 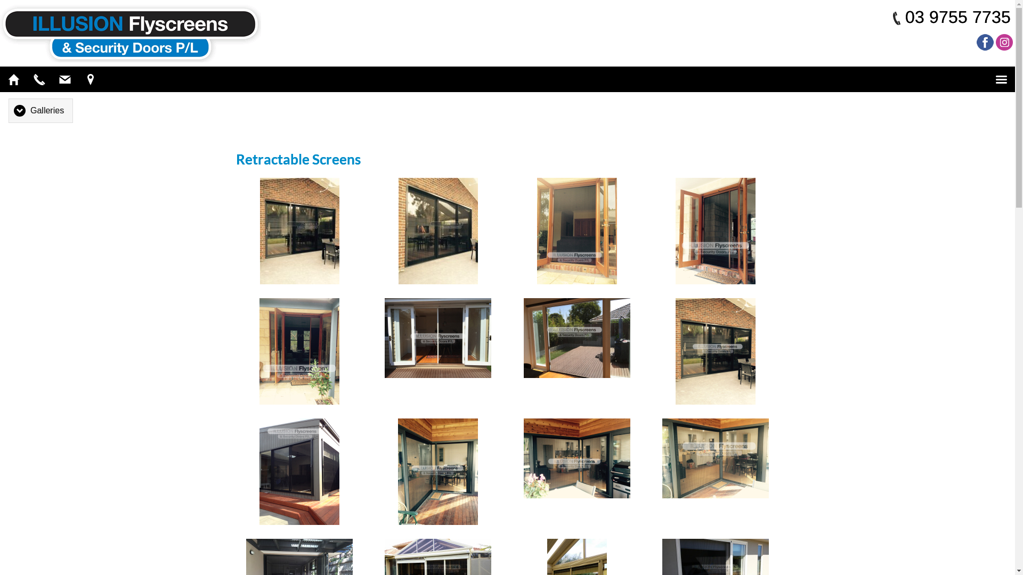 I want to click on 'HOME', so click(x=13, y=79).